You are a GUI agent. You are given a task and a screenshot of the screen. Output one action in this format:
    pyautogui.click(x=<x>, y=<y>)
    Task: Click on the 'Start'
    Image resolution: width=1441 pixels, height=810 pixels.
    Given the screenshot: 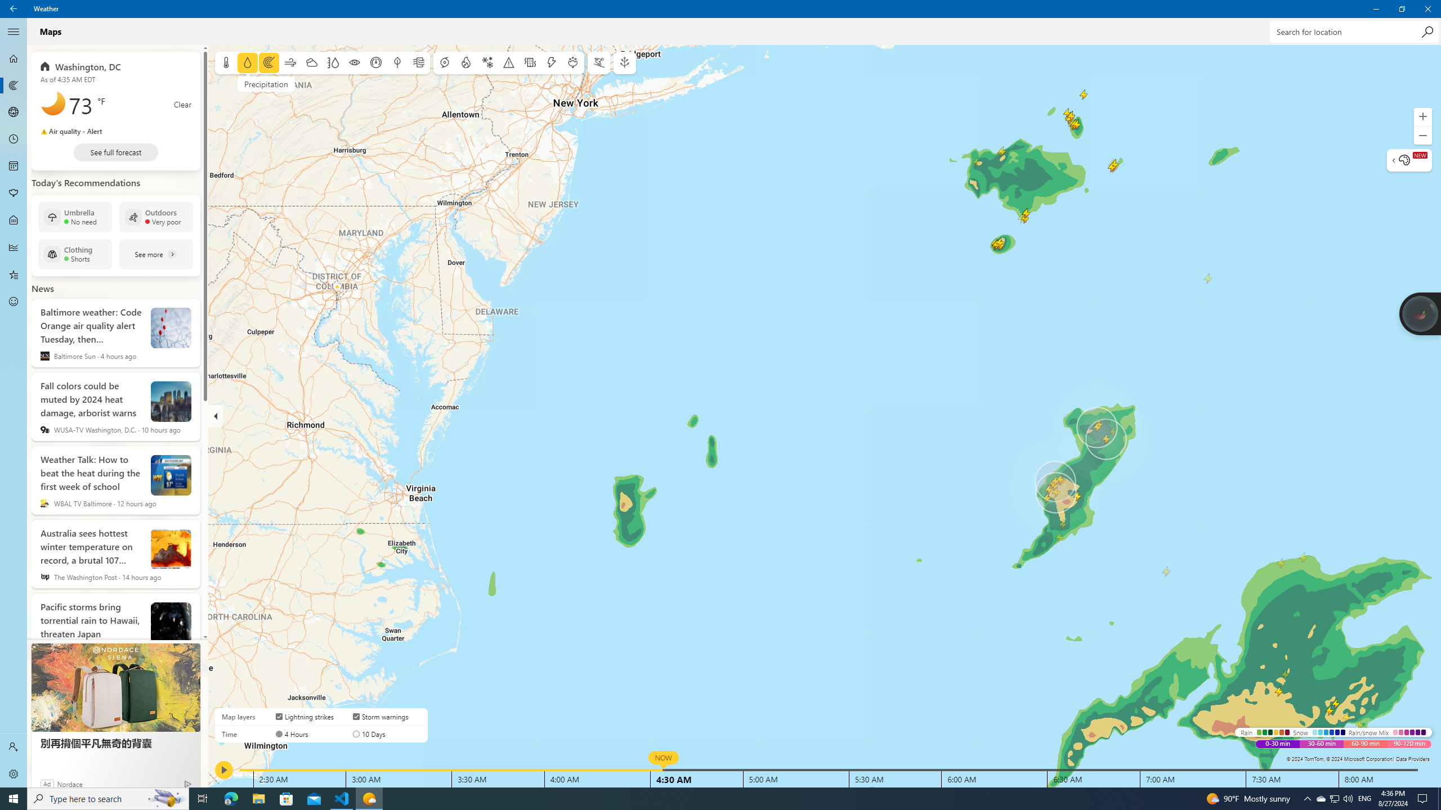 What is the action you would take?
    pyautogui.click(x=14, y=798)
    